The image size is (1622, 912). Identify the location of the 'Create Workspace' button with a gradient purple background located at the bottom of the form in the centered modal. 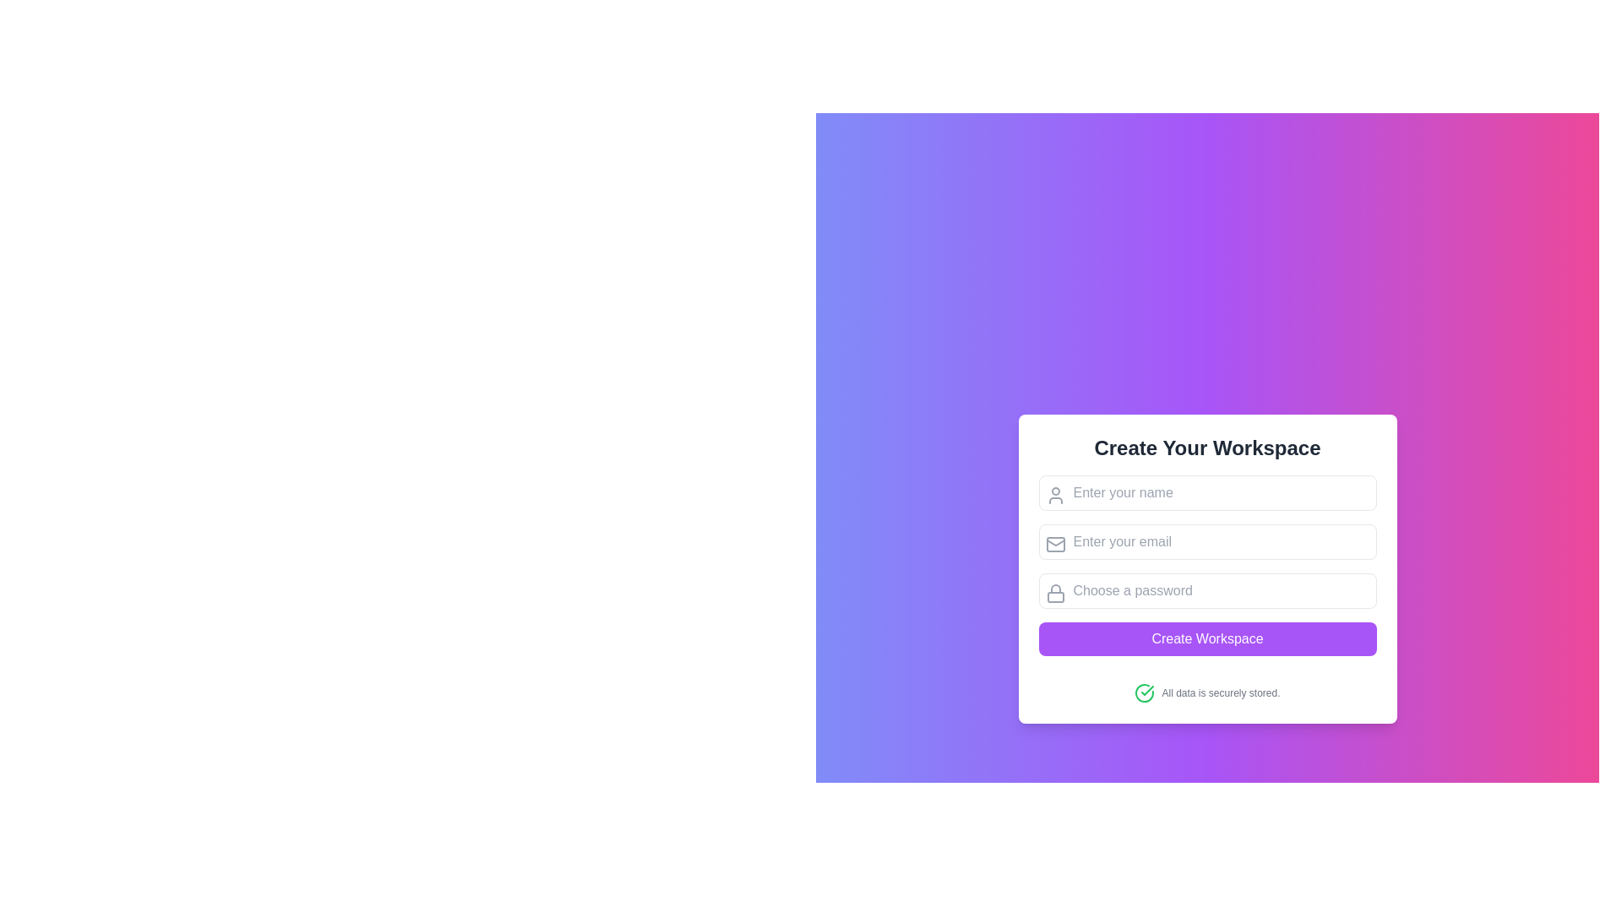
(1206, 638).